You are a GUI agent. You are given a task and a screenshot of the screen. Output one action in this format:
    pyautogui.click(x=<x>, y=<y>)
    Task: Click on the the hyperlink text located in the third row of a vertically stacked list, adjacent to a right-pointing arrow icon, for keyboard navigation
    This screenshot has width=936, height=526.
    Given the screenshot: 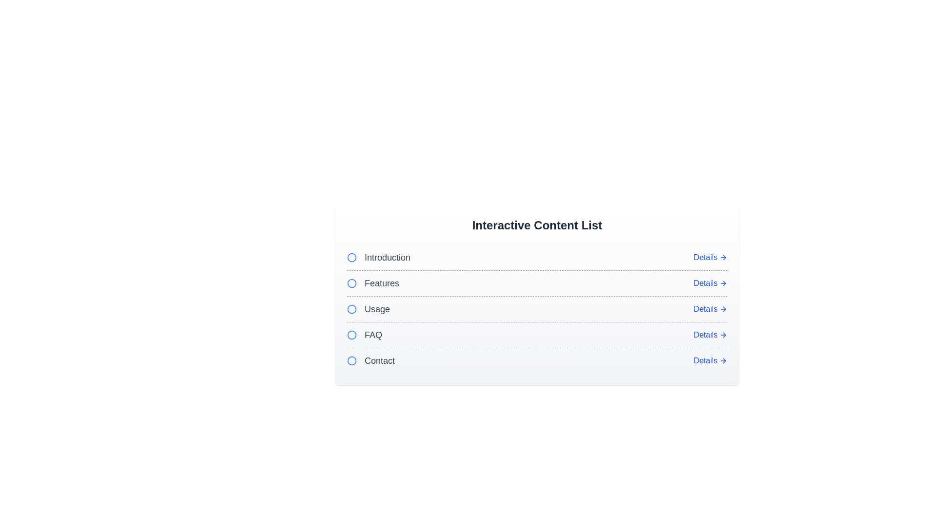 What is the action you would take?
    pyautogui.click(x=705, y=309)
    